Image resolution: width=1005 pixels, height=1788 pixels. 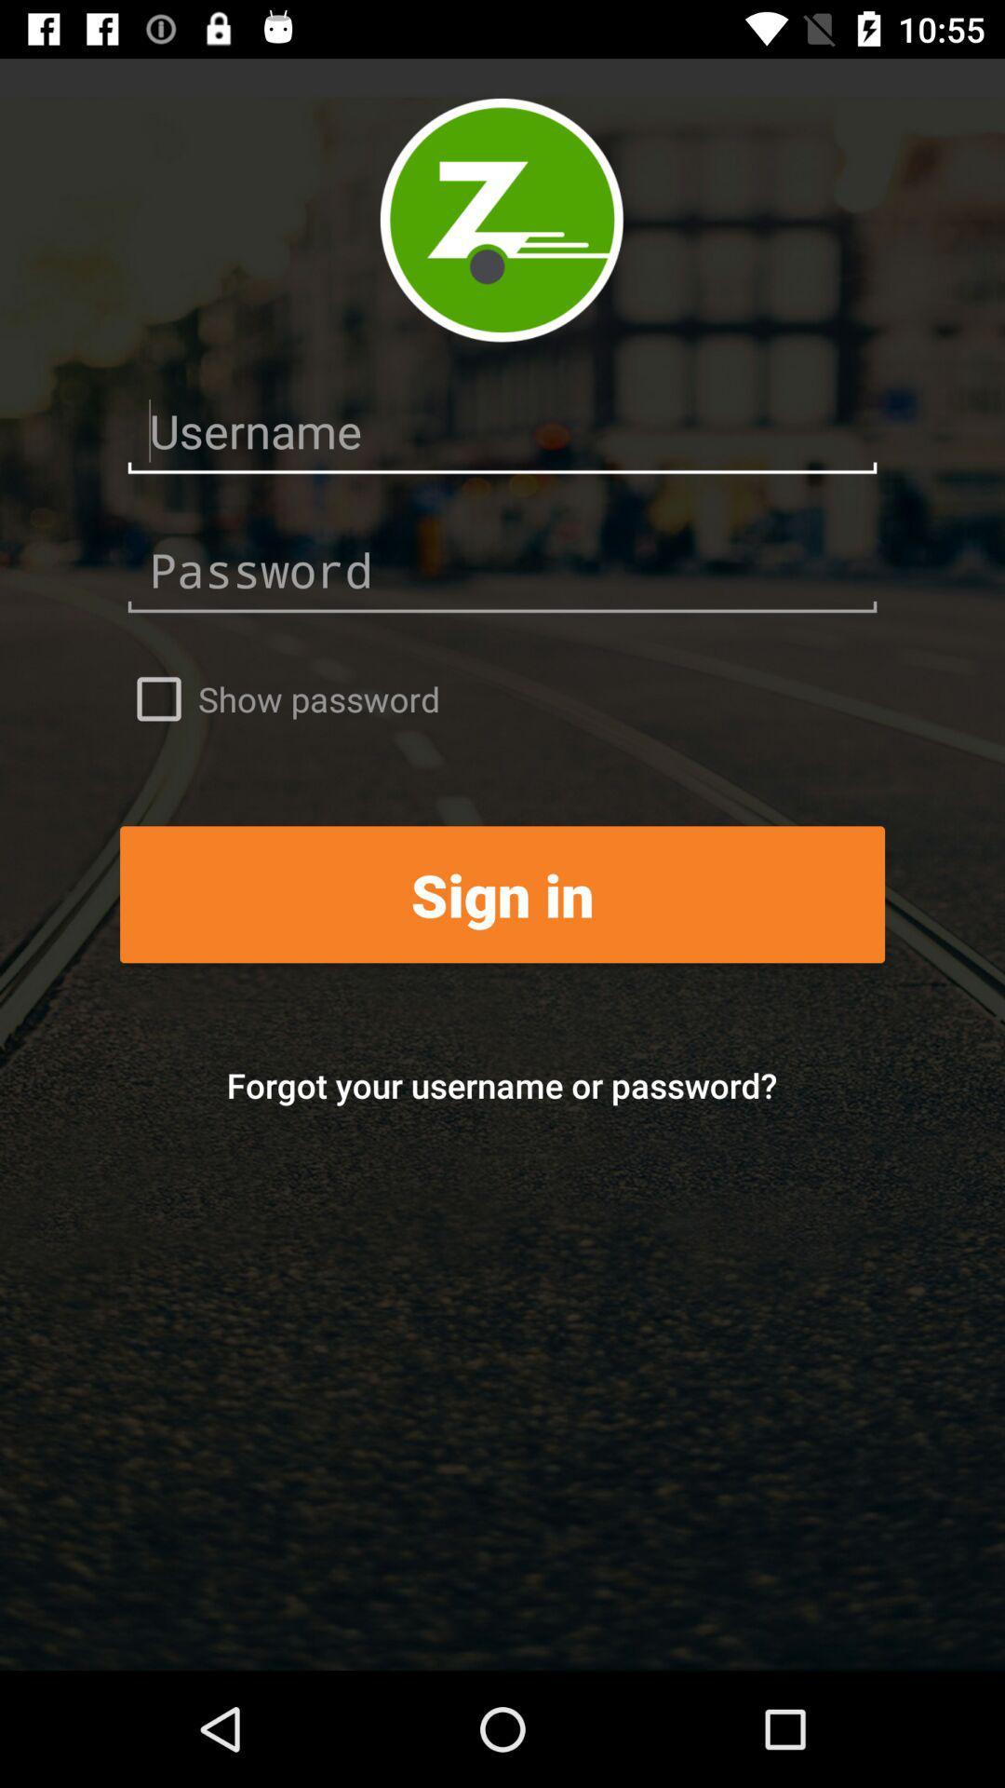 I want to click on username, so click(x=502, y=430).